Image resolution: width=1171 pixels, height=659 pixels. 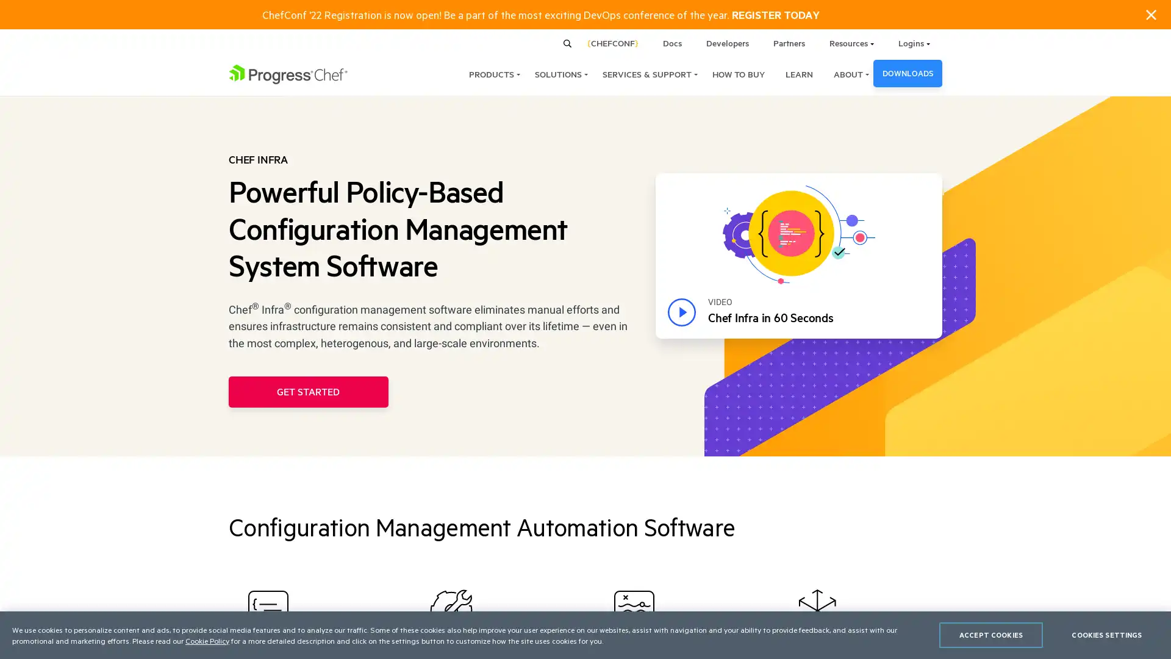 What do you see at coordinates (914, 43) in the screenshot?
I see `Logins` at bounding box center [914, 43].